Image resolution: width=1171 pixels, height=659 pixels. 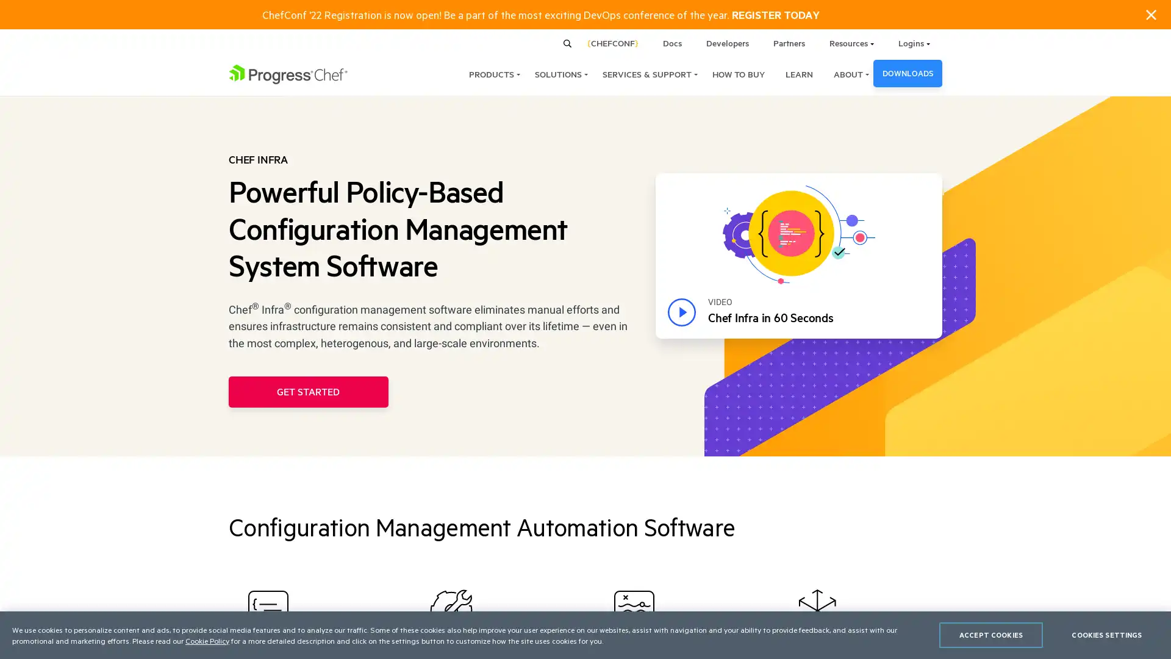 What do you see at coordinates (914, 43) in the screenshot?
I see `Logins` at bounding box center [914, 43].